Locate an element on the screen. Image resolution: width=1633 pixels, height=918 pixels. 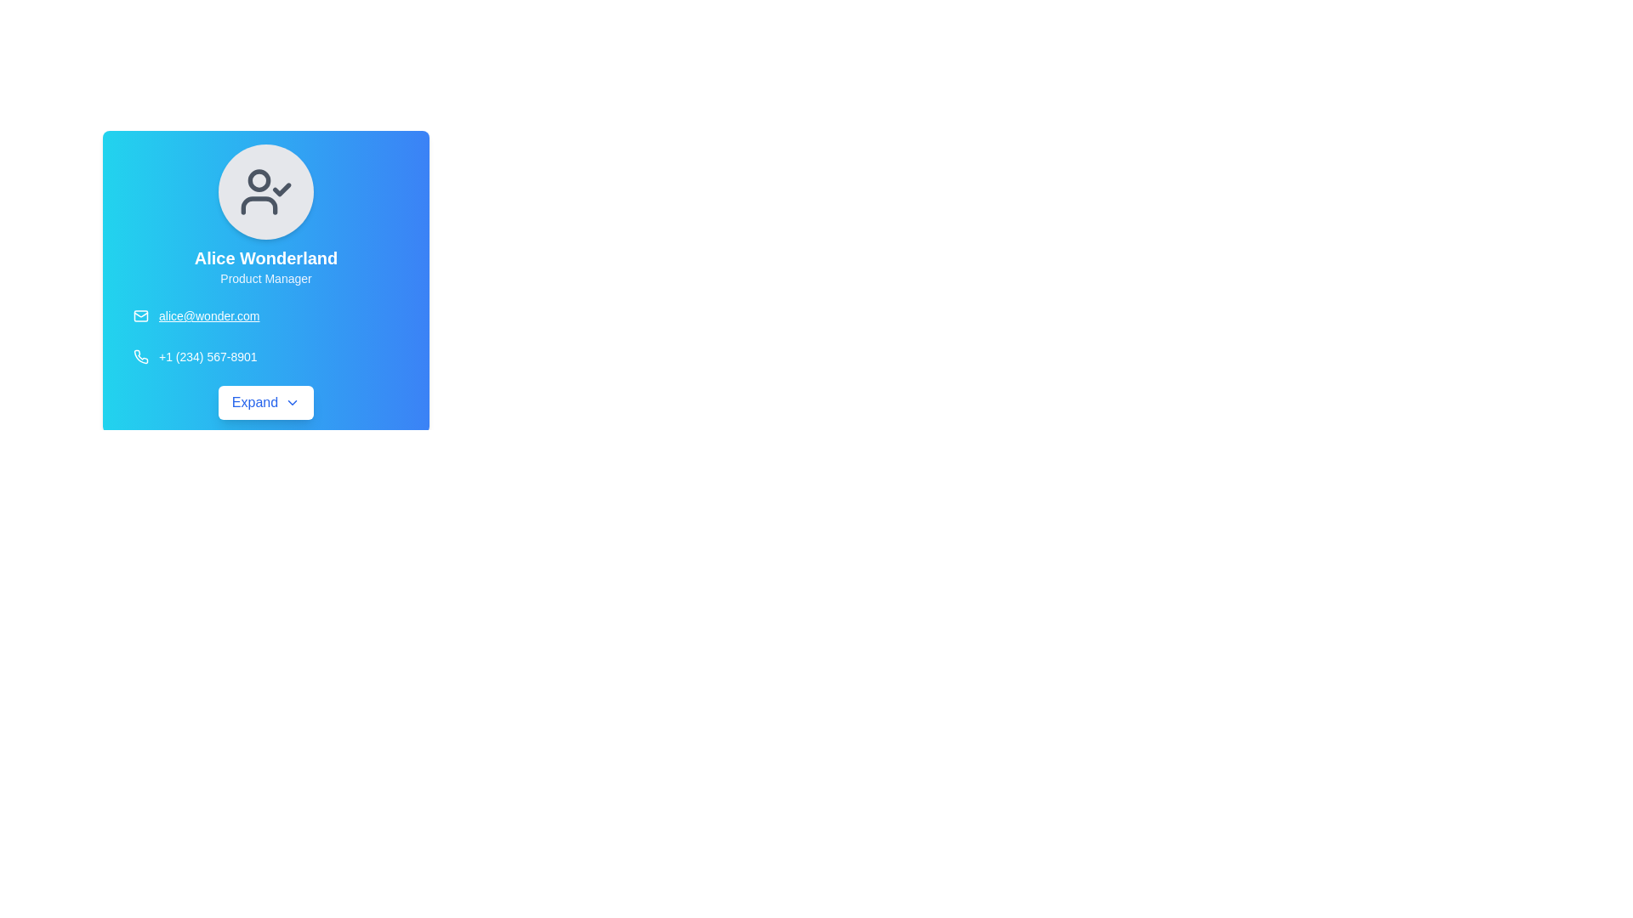
the blue downward-pointing chevron icon next to the 'Expand' button is located at coordinates (293, 403).